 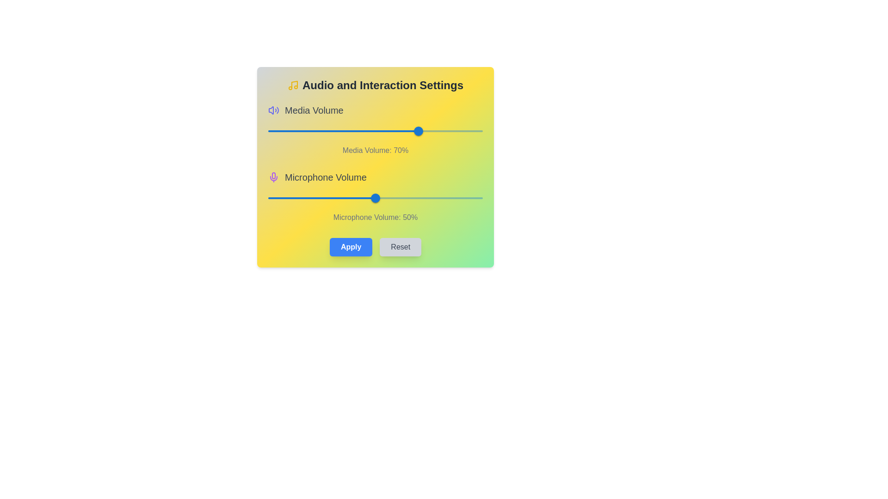 What do you see at coordinates (343, 131) in the screenshot?
I see `the media volume` at bounding box center [343, 131].